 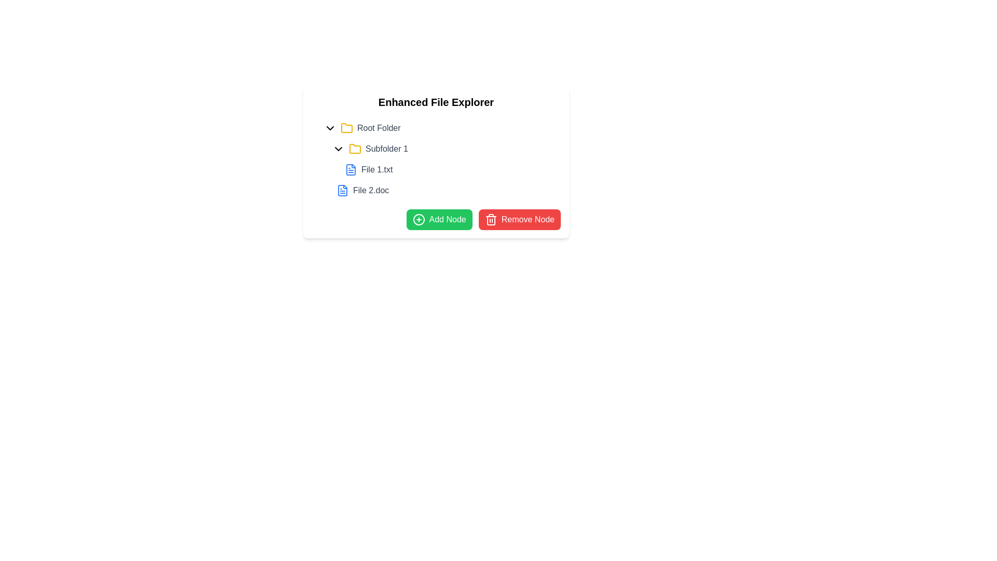 I want to click on the button located at the bottom-right corner of the central grouping, immediately to the right of the green 'Add Node' button, so click(x=519, y=219).